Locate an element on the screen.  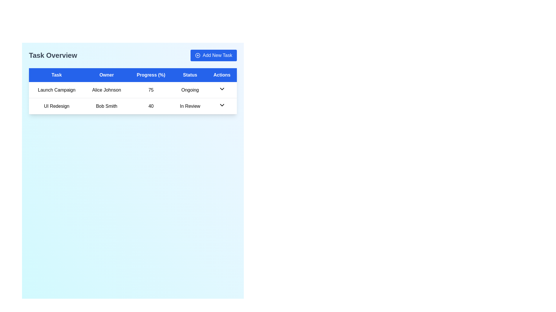
text from the 'Progress (%)' label in the table, which indicates the percentage value related to the task 'UI Redesign' is located at coordinates (151, 106).